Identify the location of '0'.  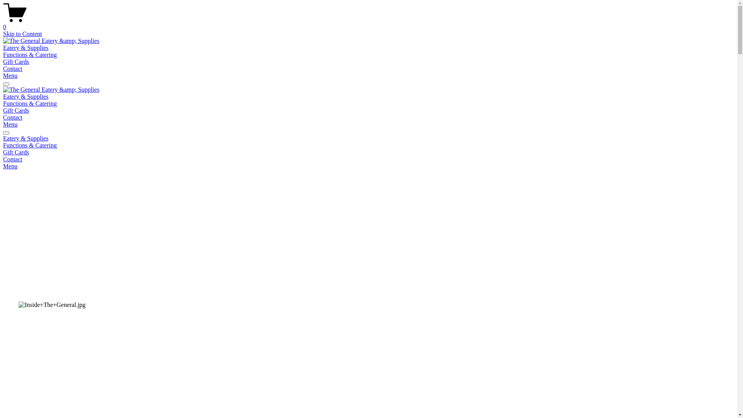
(368, 23).